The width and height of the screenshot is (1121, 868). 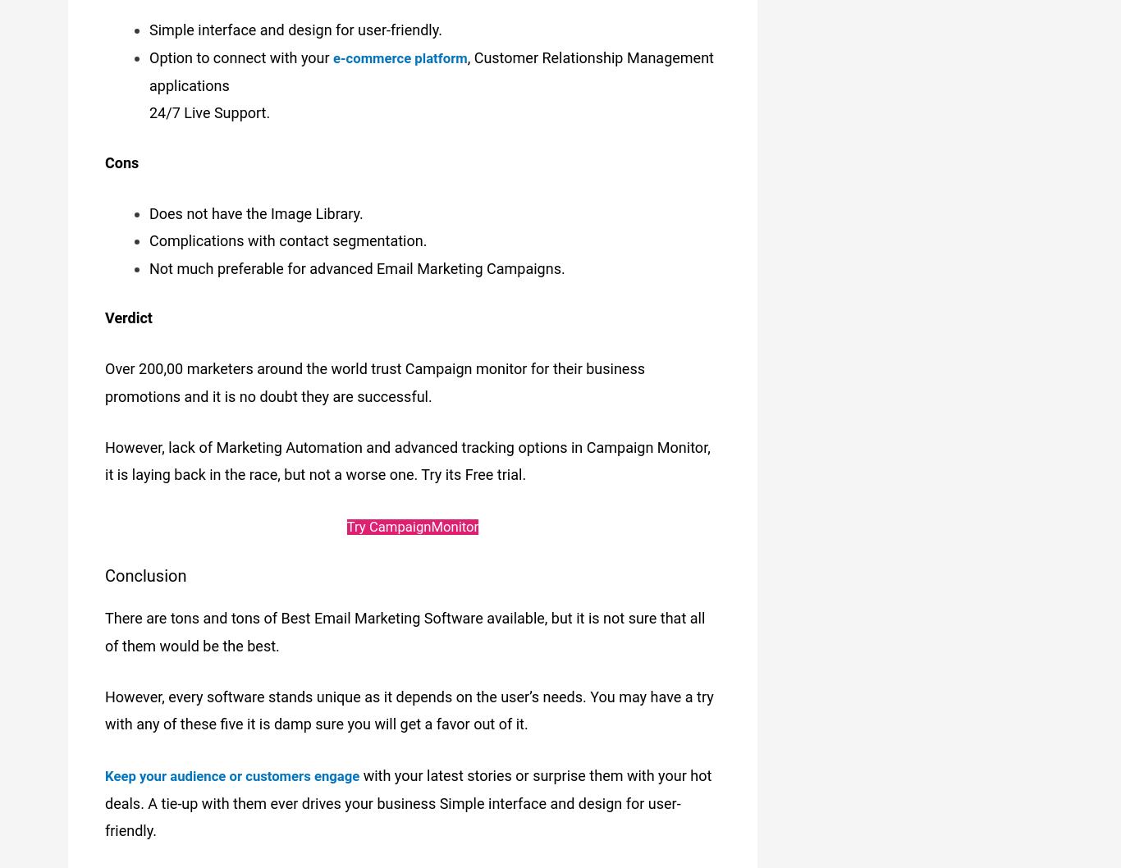 I want to click on 'Verdict', so click(x=127, y=308).